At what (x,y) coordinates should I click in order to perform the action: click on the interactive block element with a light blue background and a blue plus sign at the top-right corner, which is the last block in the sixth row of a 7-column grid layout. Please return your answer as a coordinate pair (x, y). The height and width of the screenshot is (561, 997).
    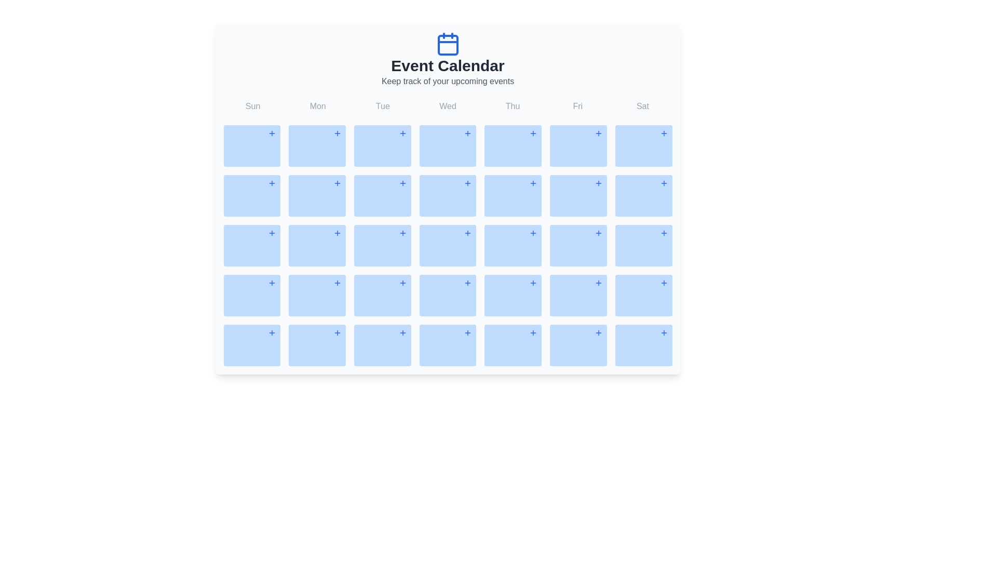
    Looking at the image, I should click on (577, 345).